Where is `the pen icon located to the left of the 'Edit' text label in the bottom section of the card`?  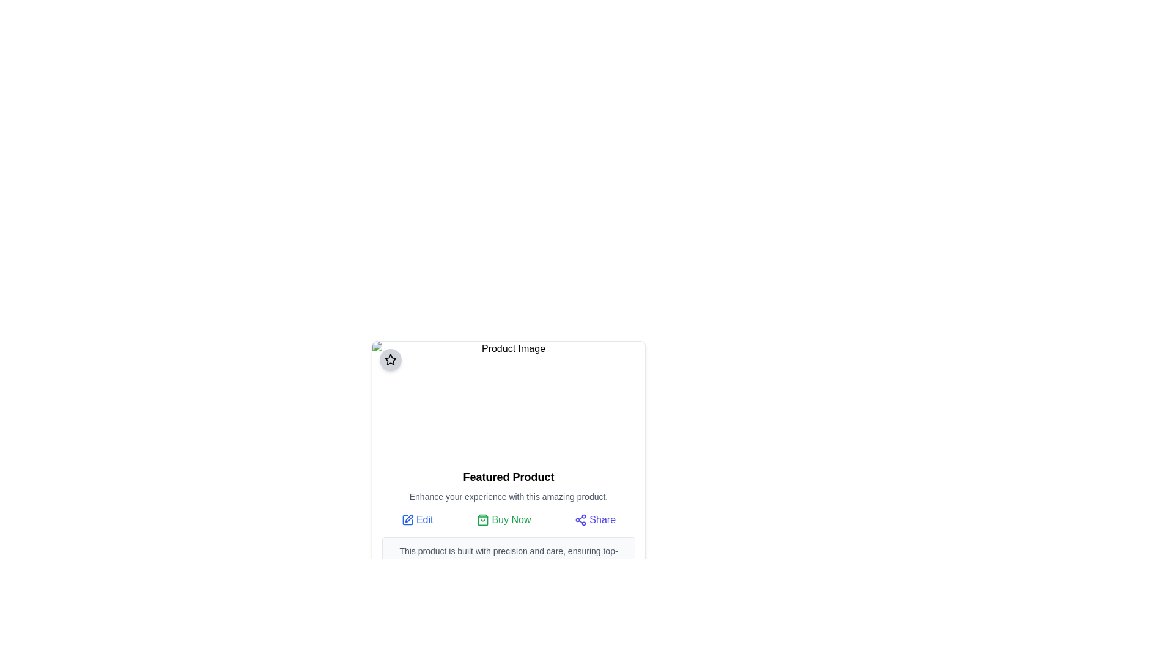 the pen icon located to the left of the 'Edit' text label in the bottom section of the card is located at coordinates (408, 520).